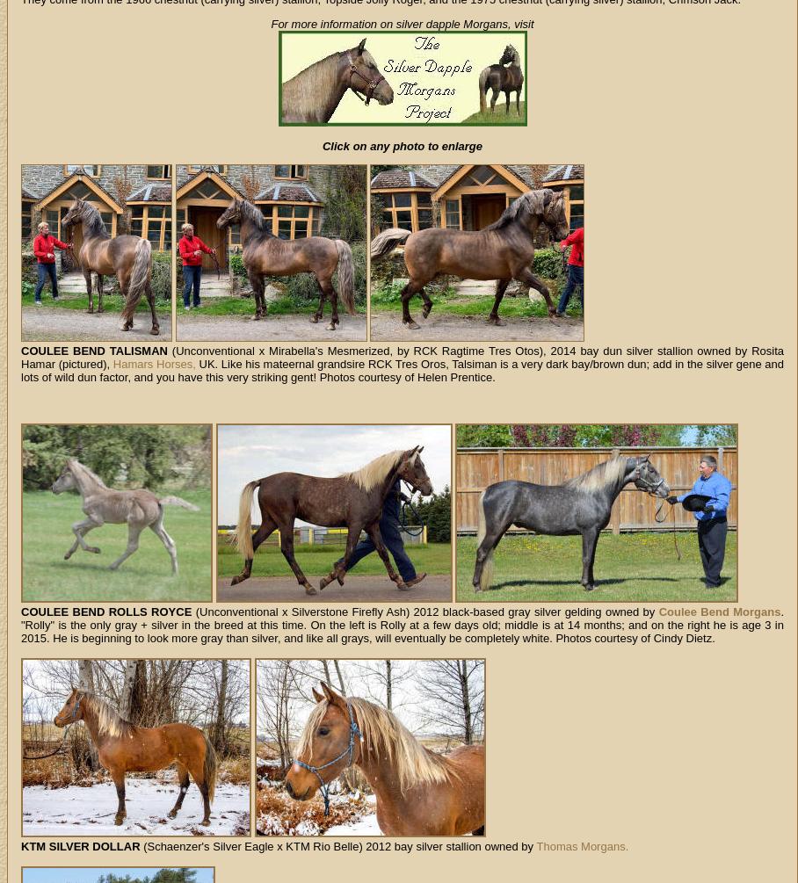 The image size is (798, 883). Describe the element at coordinates (79, 845) in the screenshot. I see `'KTM SILVER DOLLAR'` at that location.